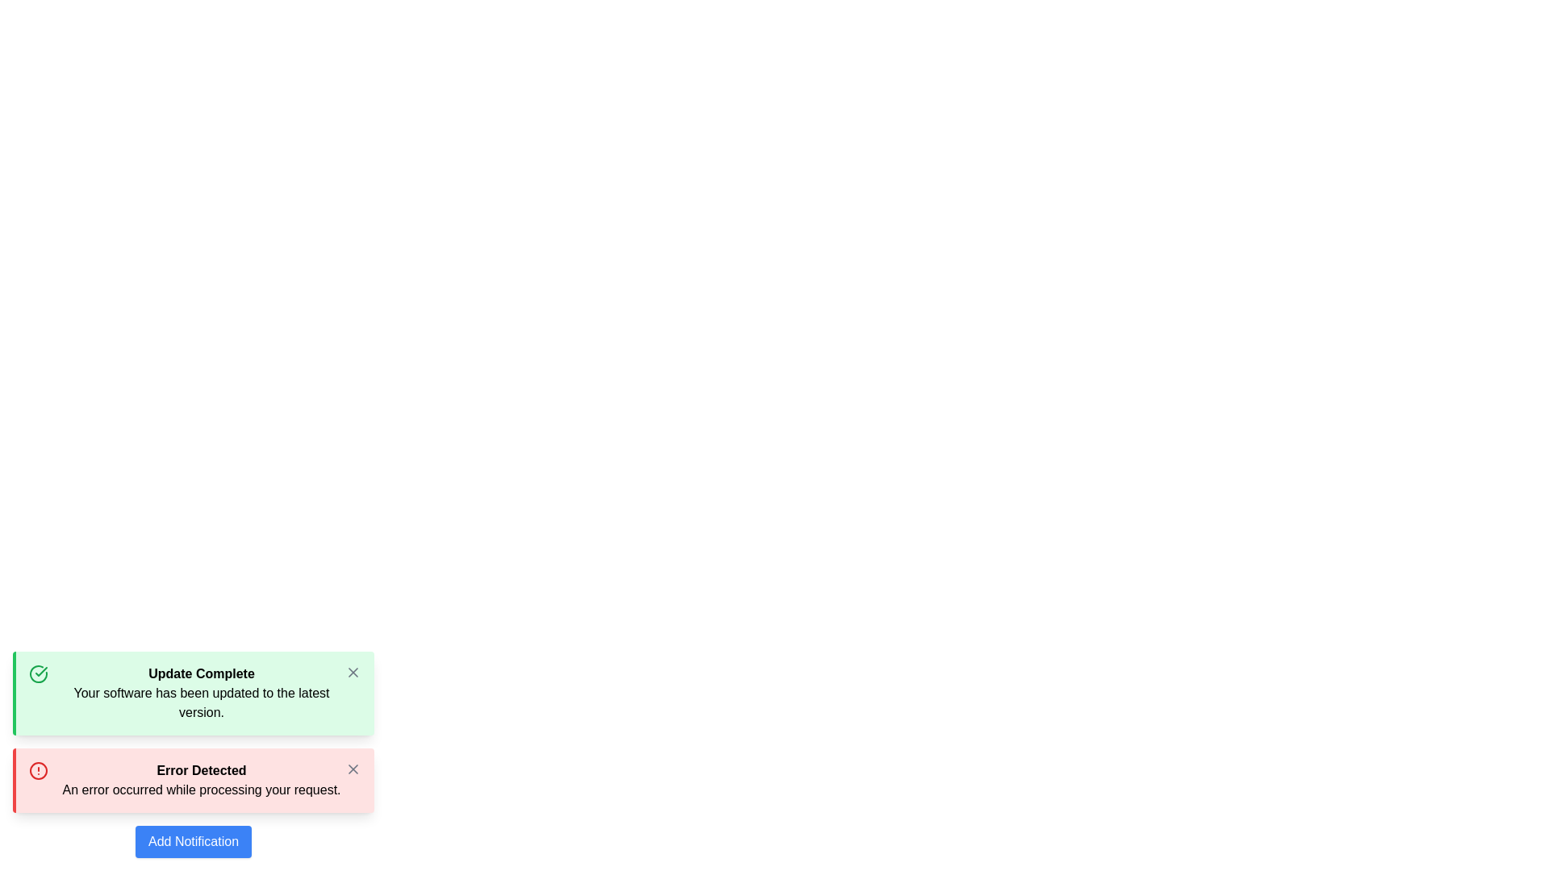 This screenshot has height=871, width=1549. What do you see at coordinates (194, 693) in the screenshot?
I see `success message from the topmost notification card located at the bottom-left corner of the interface, positioned above the 'Error Detected' notification` at bounding box center [194, 693].